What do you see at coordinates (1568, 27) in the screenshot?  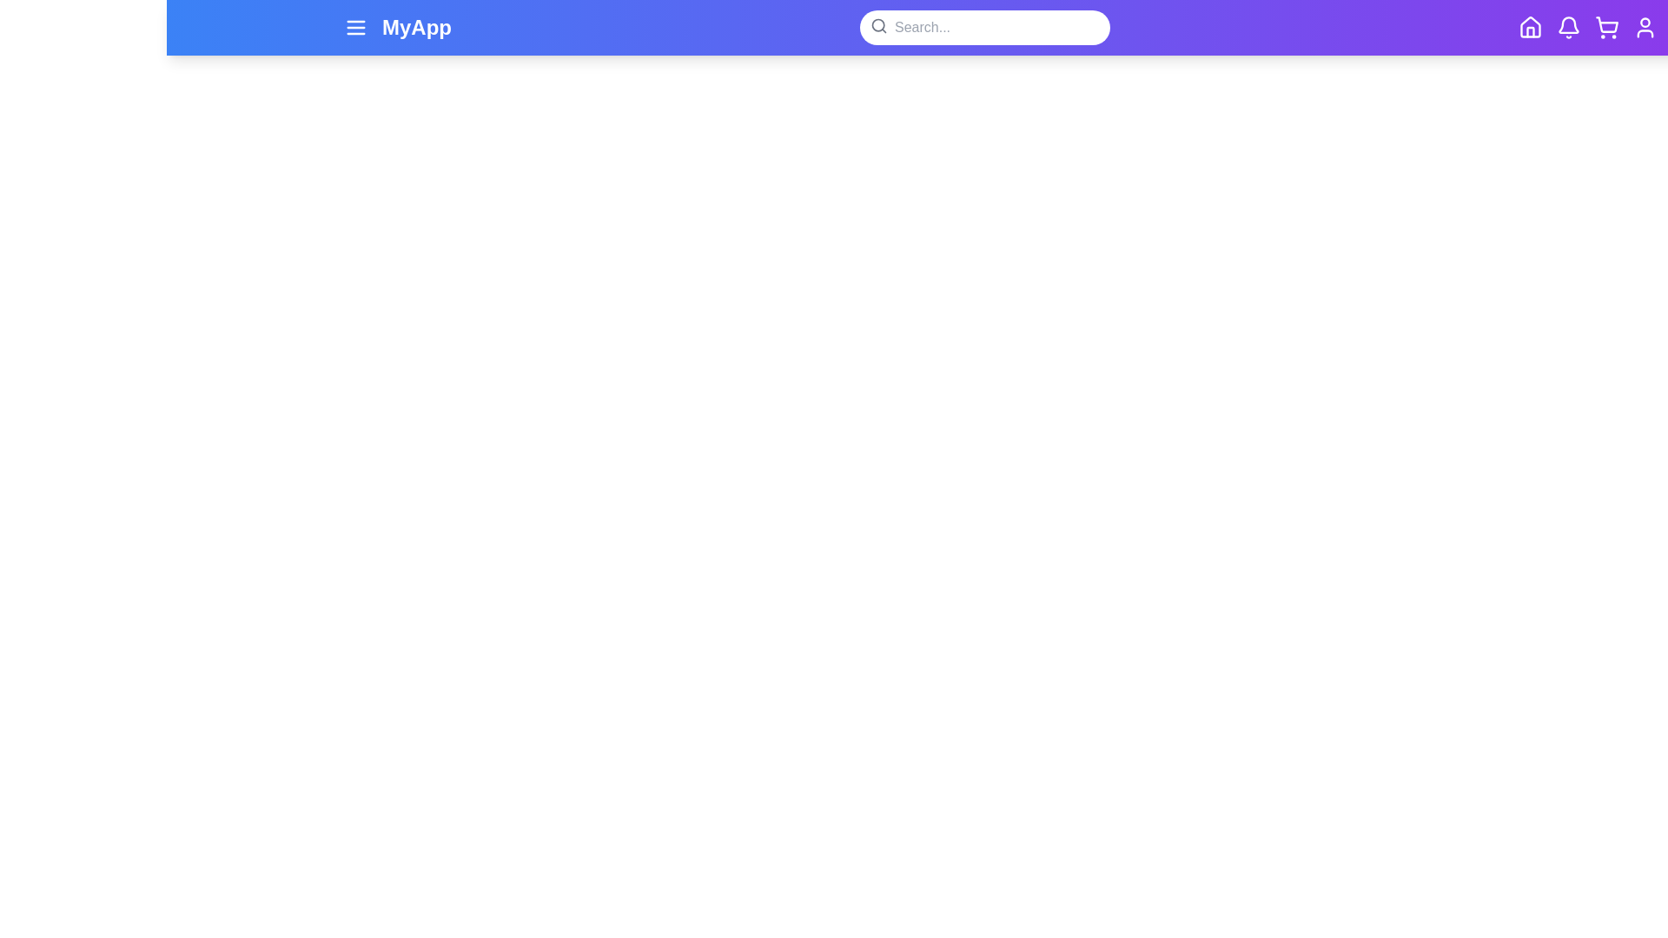 I see `the bell button in the navigation bar` at bounding box center [1568, 27].